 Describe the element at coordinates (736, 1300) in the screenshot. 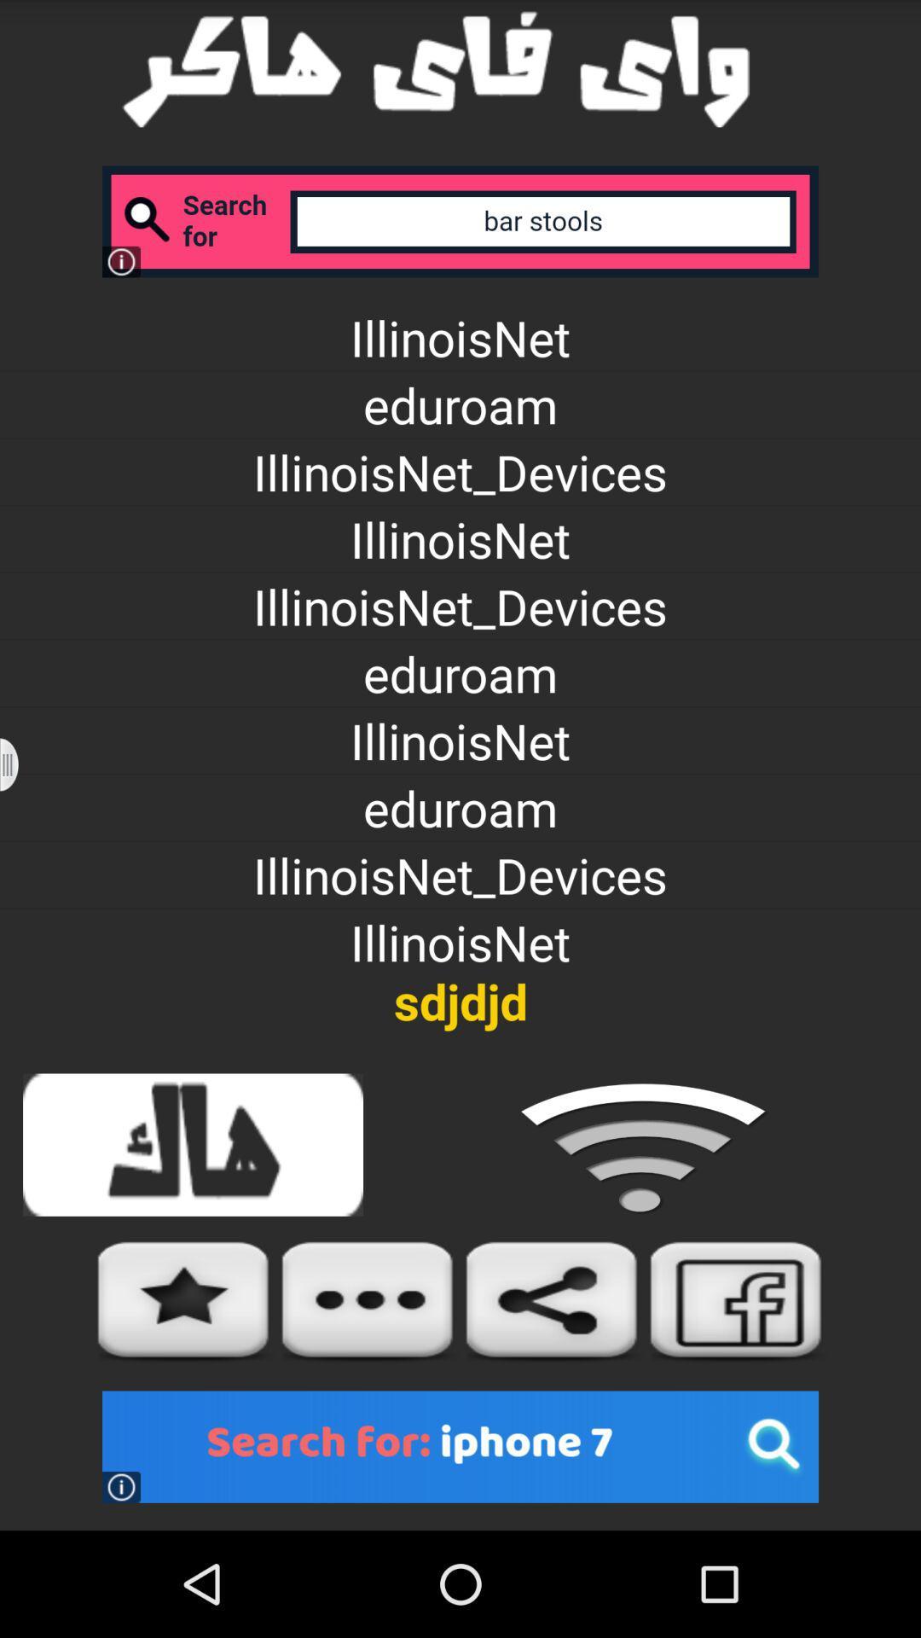

I see `facebook` at that location.